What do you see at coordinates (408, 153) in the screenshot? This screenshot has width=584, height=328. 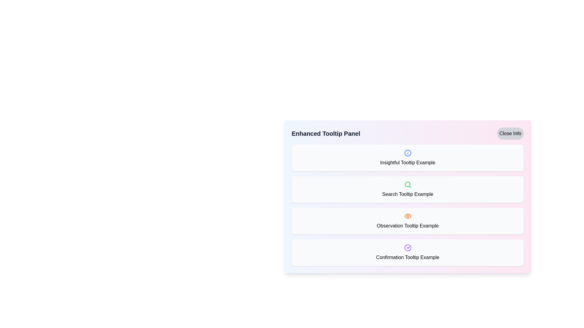 I see `the small circular blue outlined icon with an information symbol located in the first row of the vertical list in the 'Enhanced Tooltip Panel'` at bounding box center [408, 153].